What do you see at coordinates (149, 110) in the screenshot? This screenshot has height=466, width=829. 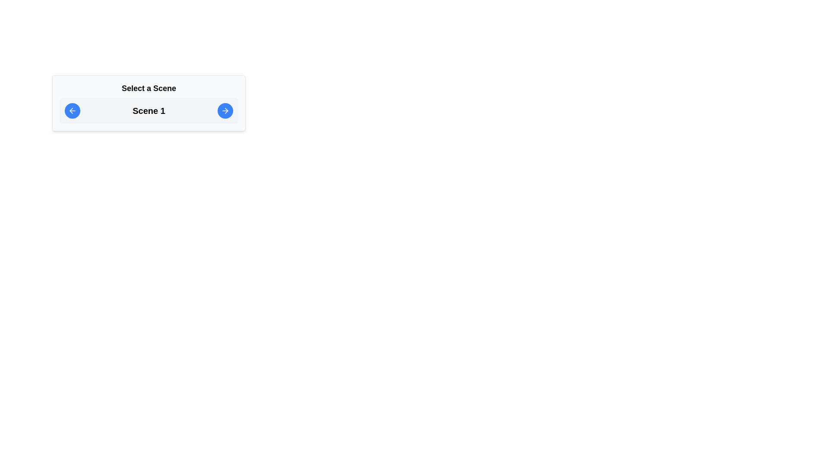 I see `the text label indicating 'Scene 1', which serves as the title or label for the current selection or state` at bounding box center [149, 110].